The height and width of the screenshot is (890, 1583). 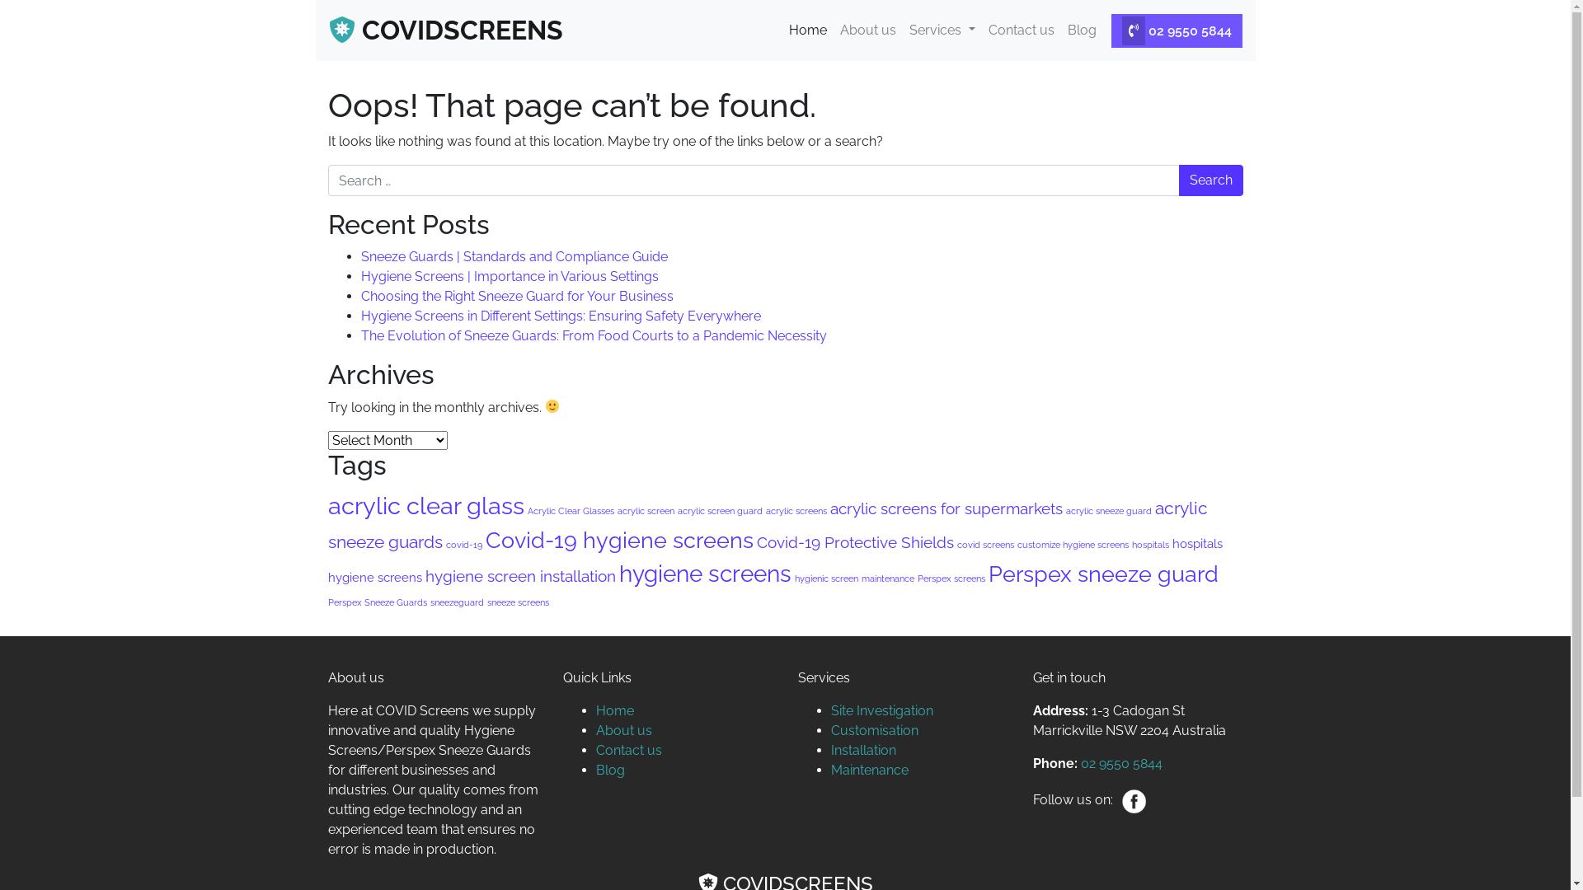 I want to click on 'About us', so click(x=867, y=29).